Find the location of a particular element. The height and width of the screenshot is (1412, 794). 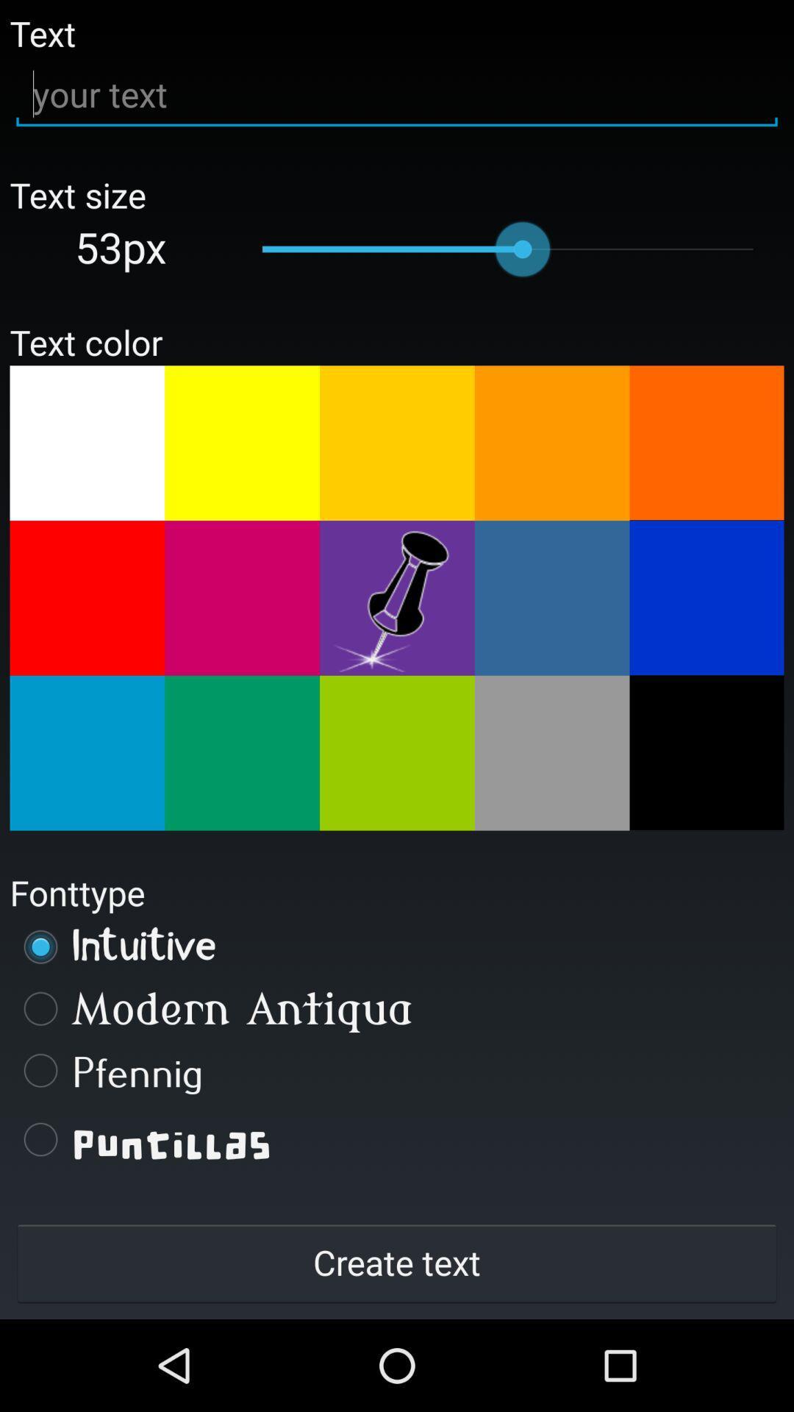

black text color is located at coordinates (706, 752).